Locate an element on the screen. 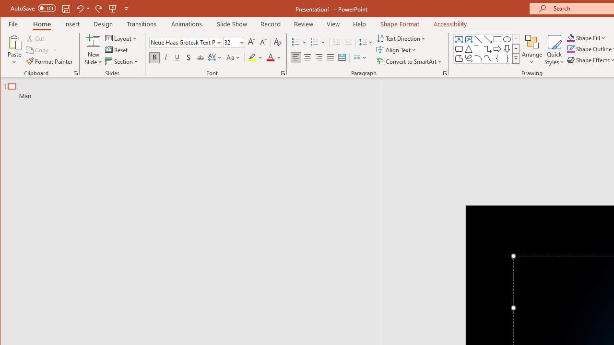 The height and width of the screenshot is (345, 614). 'Text Highlight Color' is located at coordinates (255, 57).